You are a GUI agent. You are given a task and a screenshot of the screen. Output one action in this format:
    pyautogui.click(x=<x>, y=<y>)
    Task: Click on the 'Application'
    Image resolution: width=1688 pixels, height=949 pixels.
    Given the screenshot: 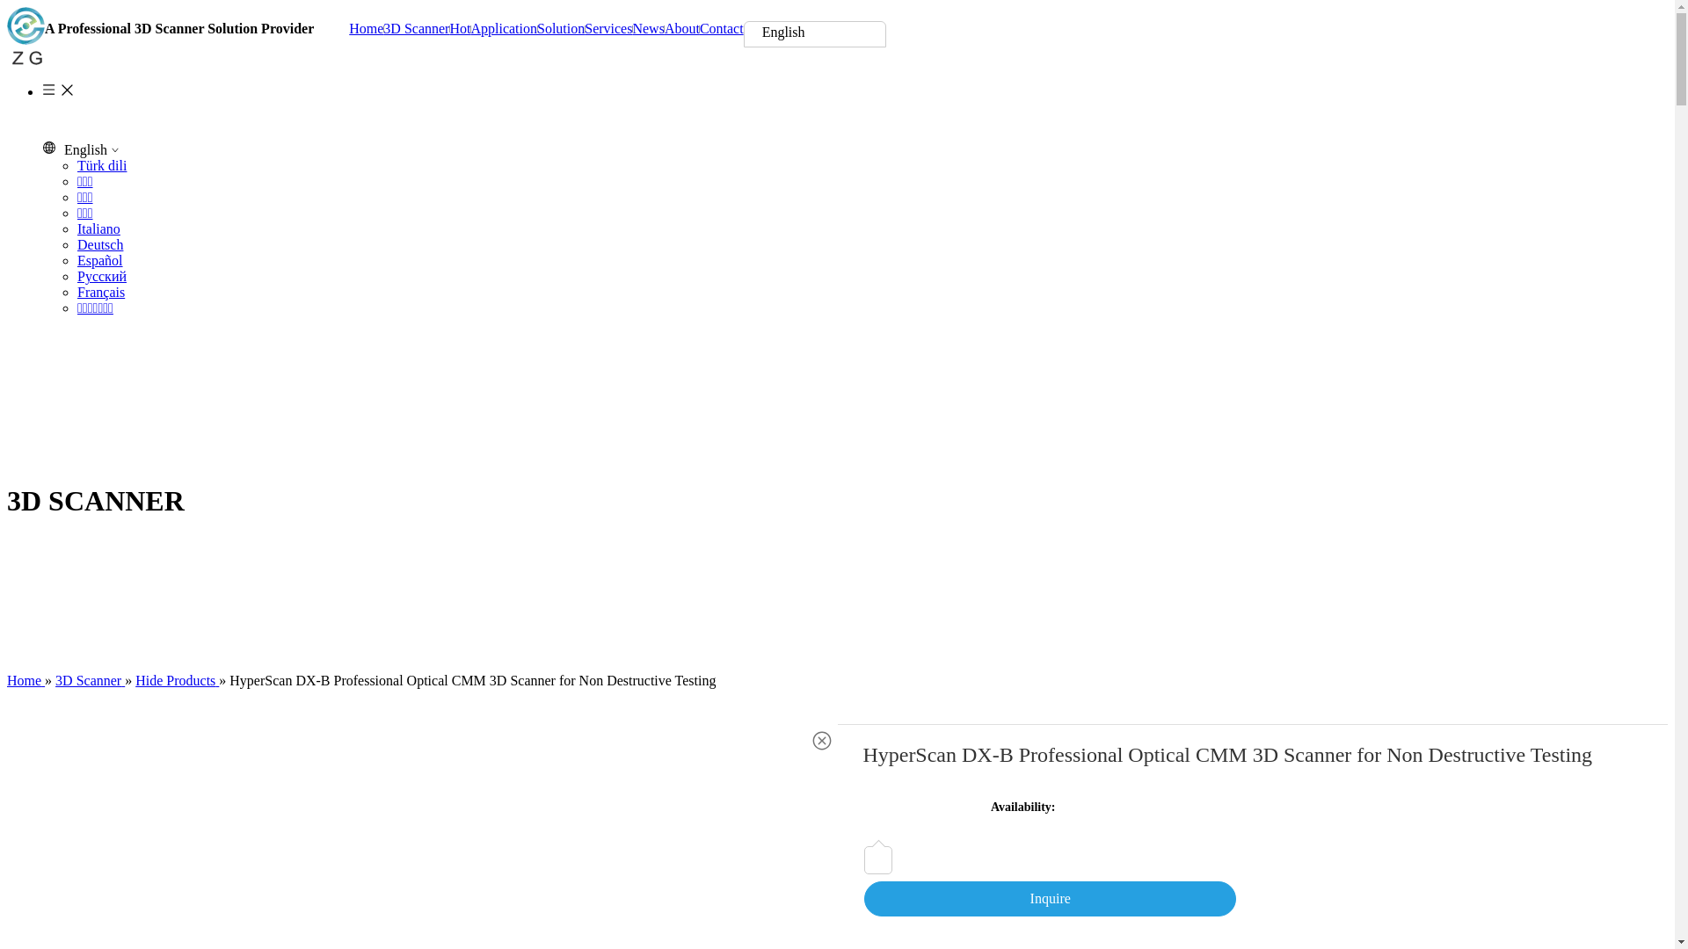 What is the action you would take?
    pyautogui.click(x=502, y=29)
    